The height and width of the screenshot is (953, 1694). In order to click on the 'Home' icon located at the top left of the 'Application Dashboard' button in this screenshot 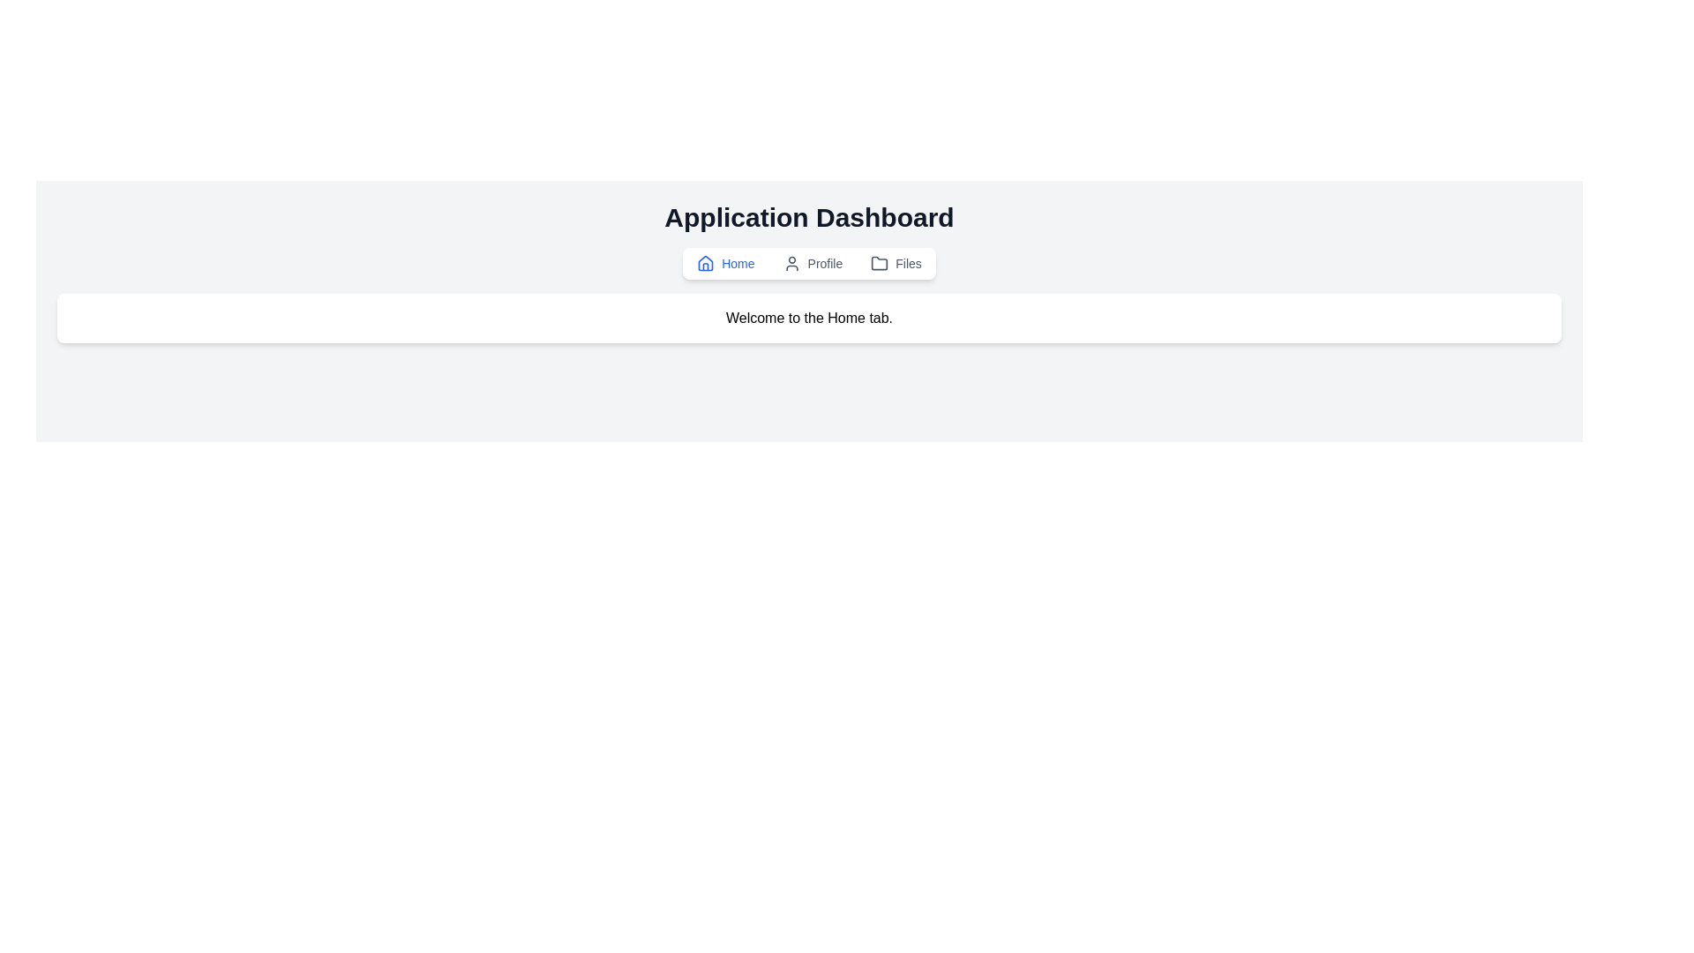, I will do `click(706, 264)`.